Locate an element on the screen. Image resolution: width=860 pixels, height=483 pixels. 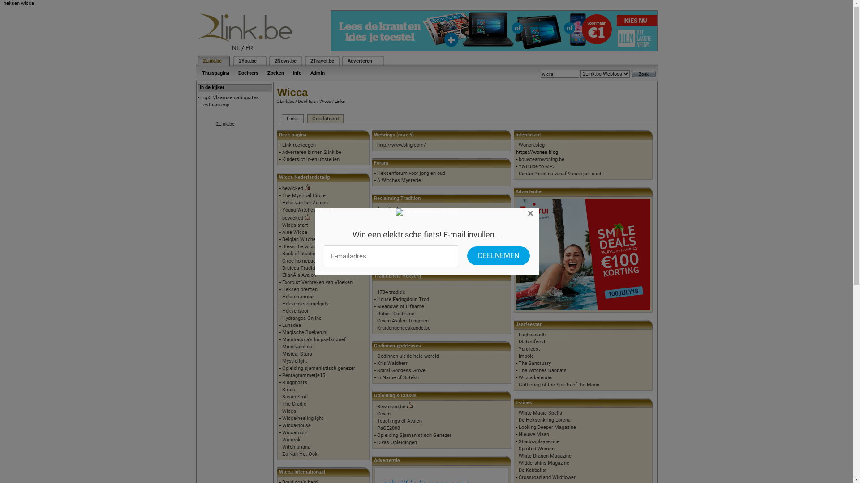
'De Heksenkring Lorena' is located at coordinates (518, 420).